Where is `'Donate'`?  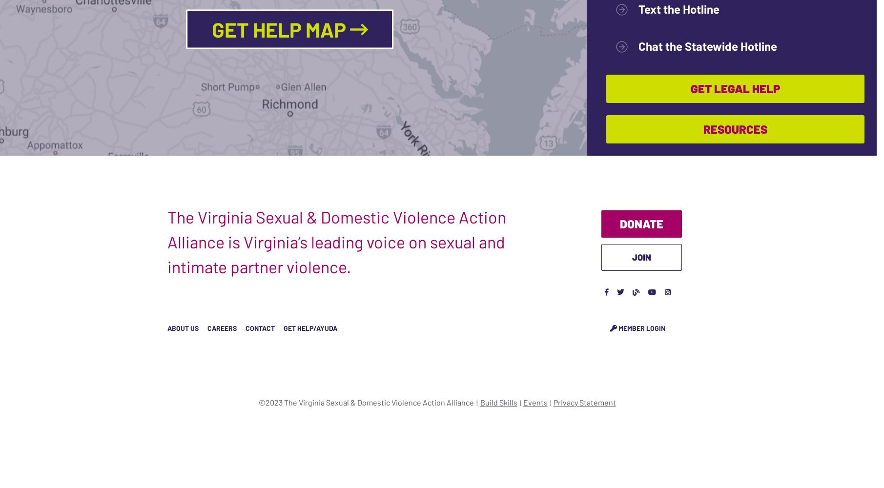 'Donate' is located at coordinates (619, 223).